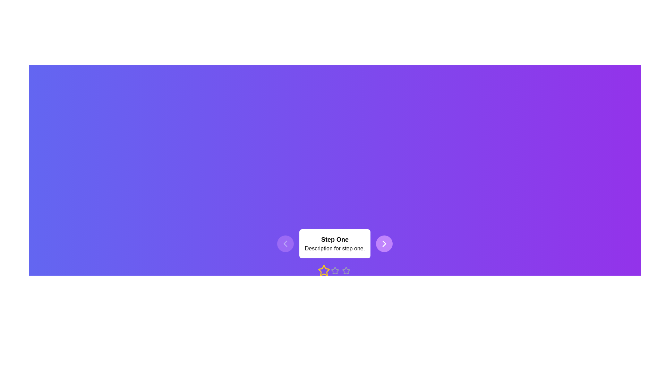  Describe the element at coordinates (335, 270) in the screenshot. I see `the current step to 2 by clicking the corresponding star` at that location.